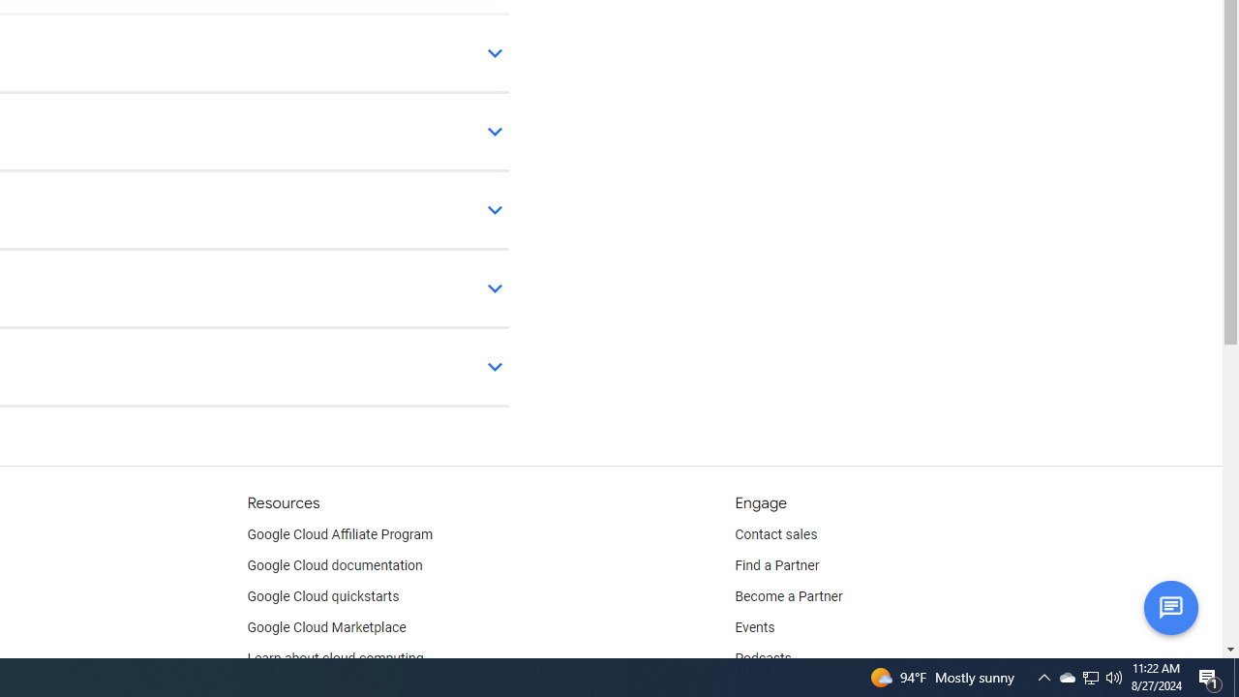  Describe the element at coordinates (334, 566) in the screenshot. I see `'Google Cloud documentation'` at that location.